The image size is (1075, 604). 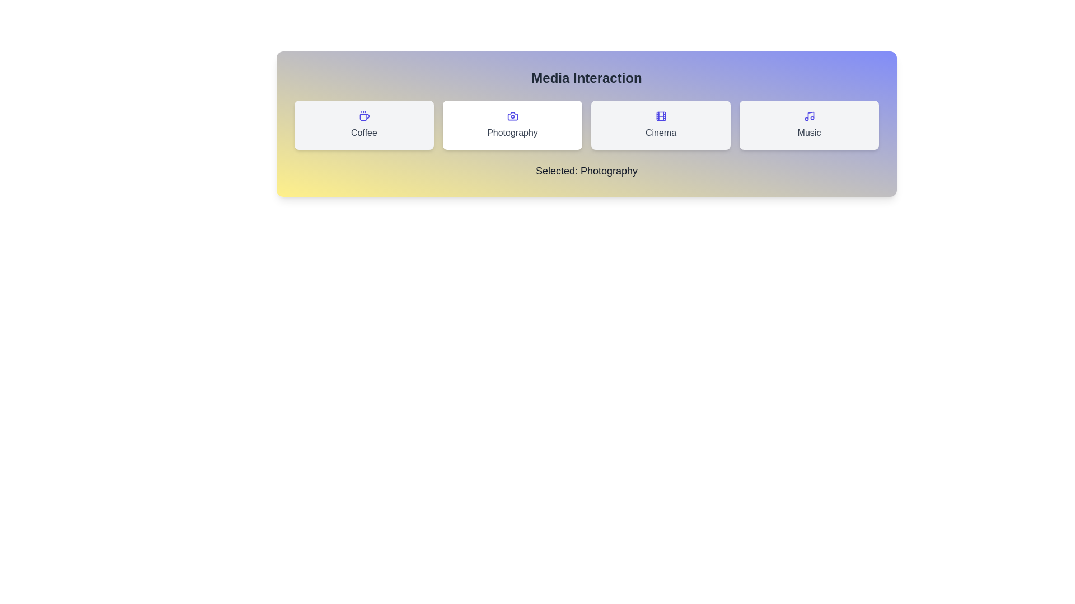 What do you see at coordinates (809, 125) in the screenshot?
I see `the rectangular button labeled 'Music' with an indigo music icon, positioned as the fourth button in a row of four on the far right` at bounding box center [809, 125].